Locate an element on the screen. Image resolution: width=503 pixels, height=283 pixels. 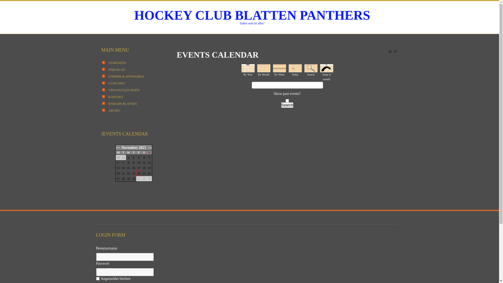
'VERANSTALTUNGEN' is located at coordinates (124, 90).